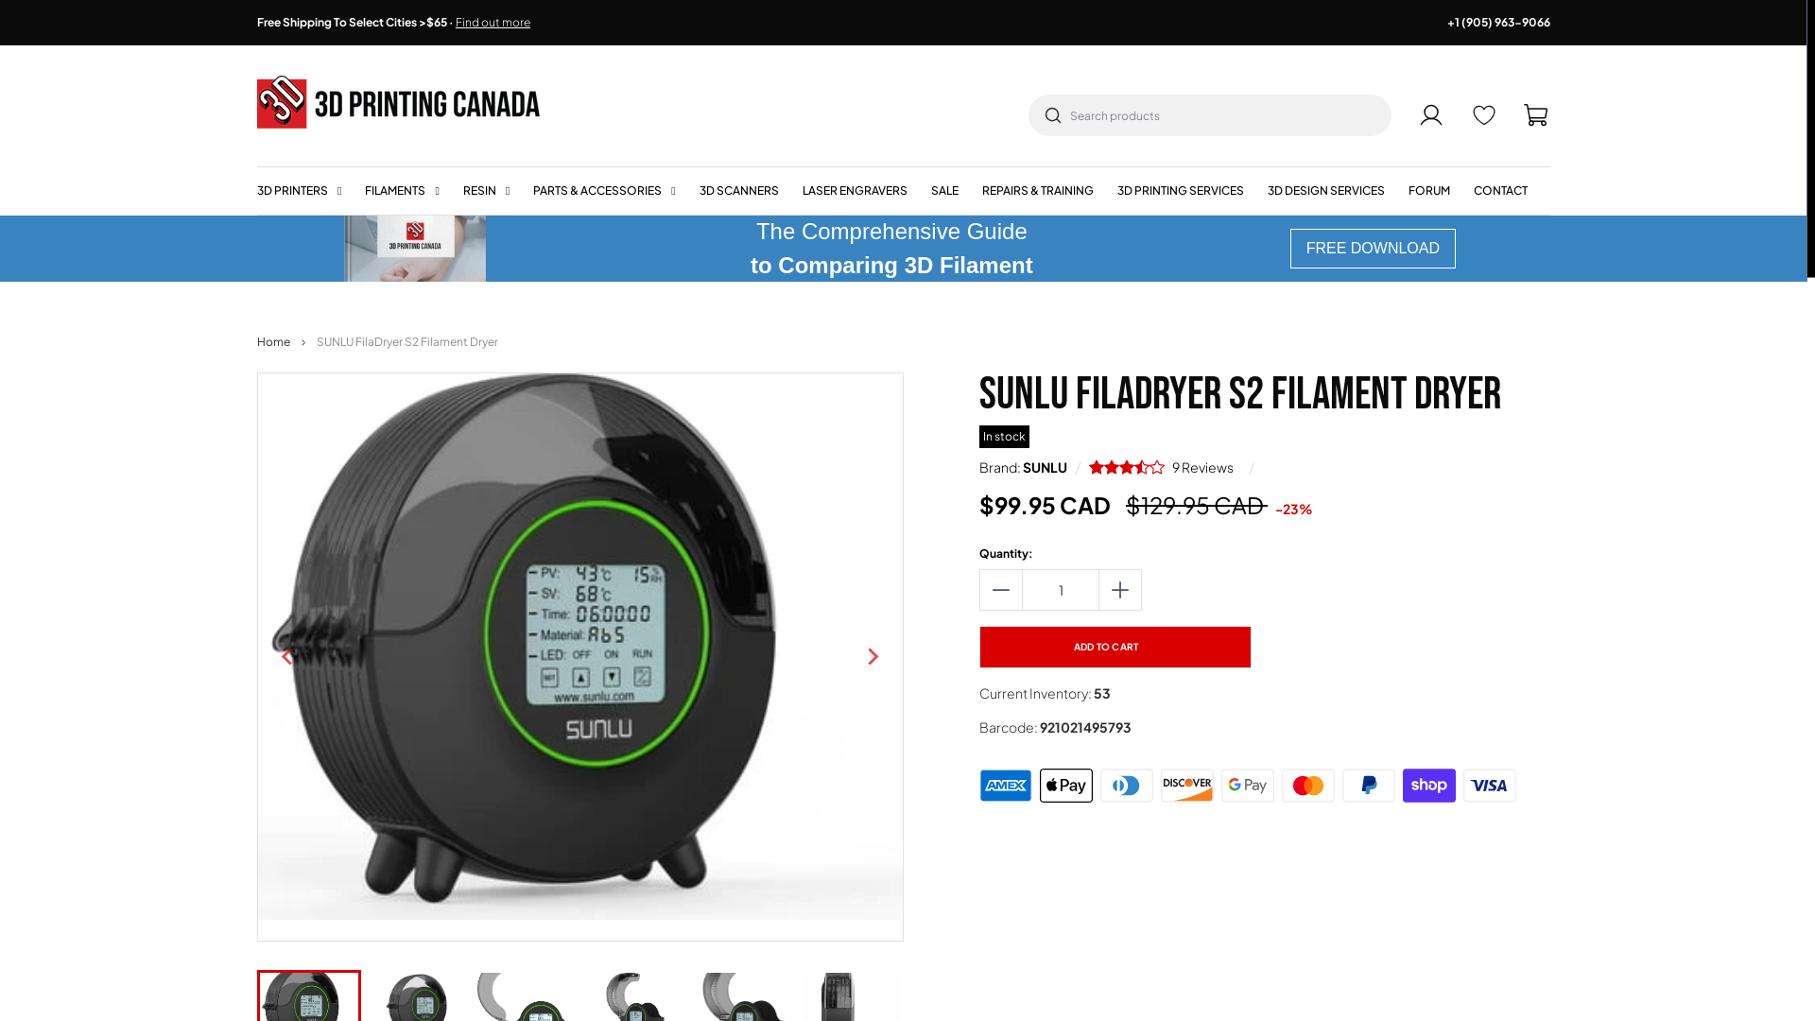 The image size is (1815, 1021). Describe the element at coordinates (854, 190) in the screenshot. I see `'LASER ENGRAVERS'` at that location.